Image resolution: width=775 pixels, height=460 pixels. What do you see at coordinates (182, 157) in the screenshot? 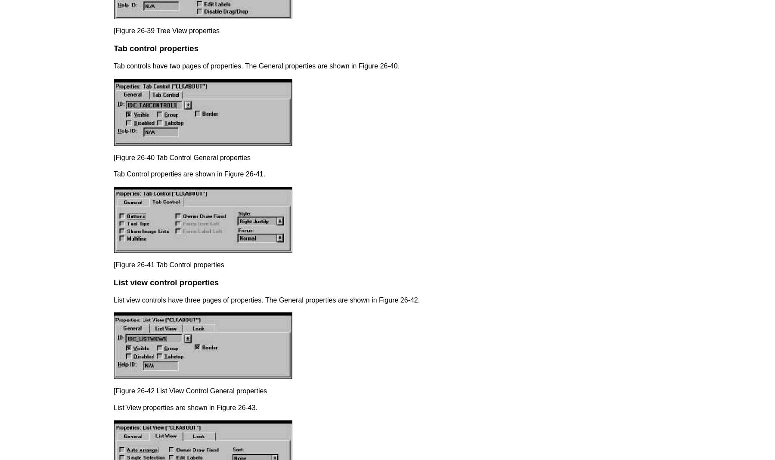
I see `'[Figure 26-40 Tab Control General properties'` at bounding box center [182, 157].